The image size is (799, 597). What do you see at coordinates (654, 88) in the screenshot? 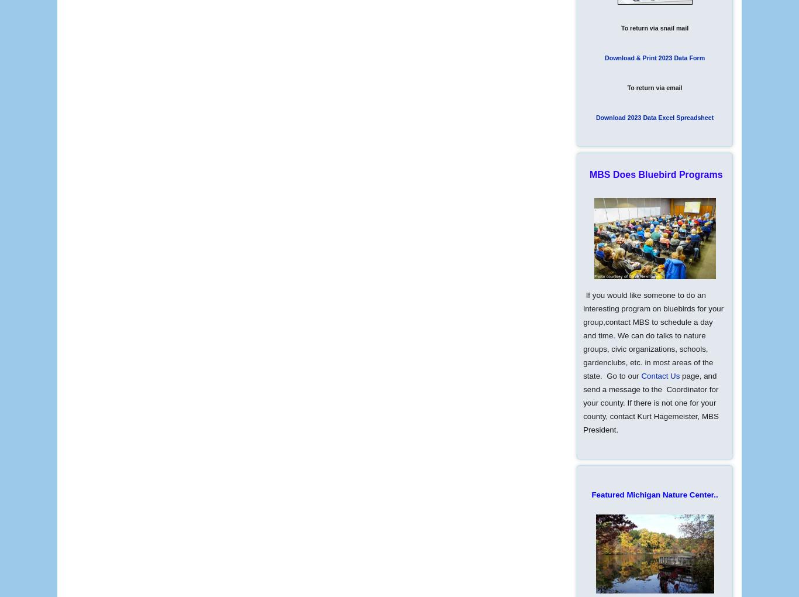
I see `'To return via email'` at bounding box center [654, 88].